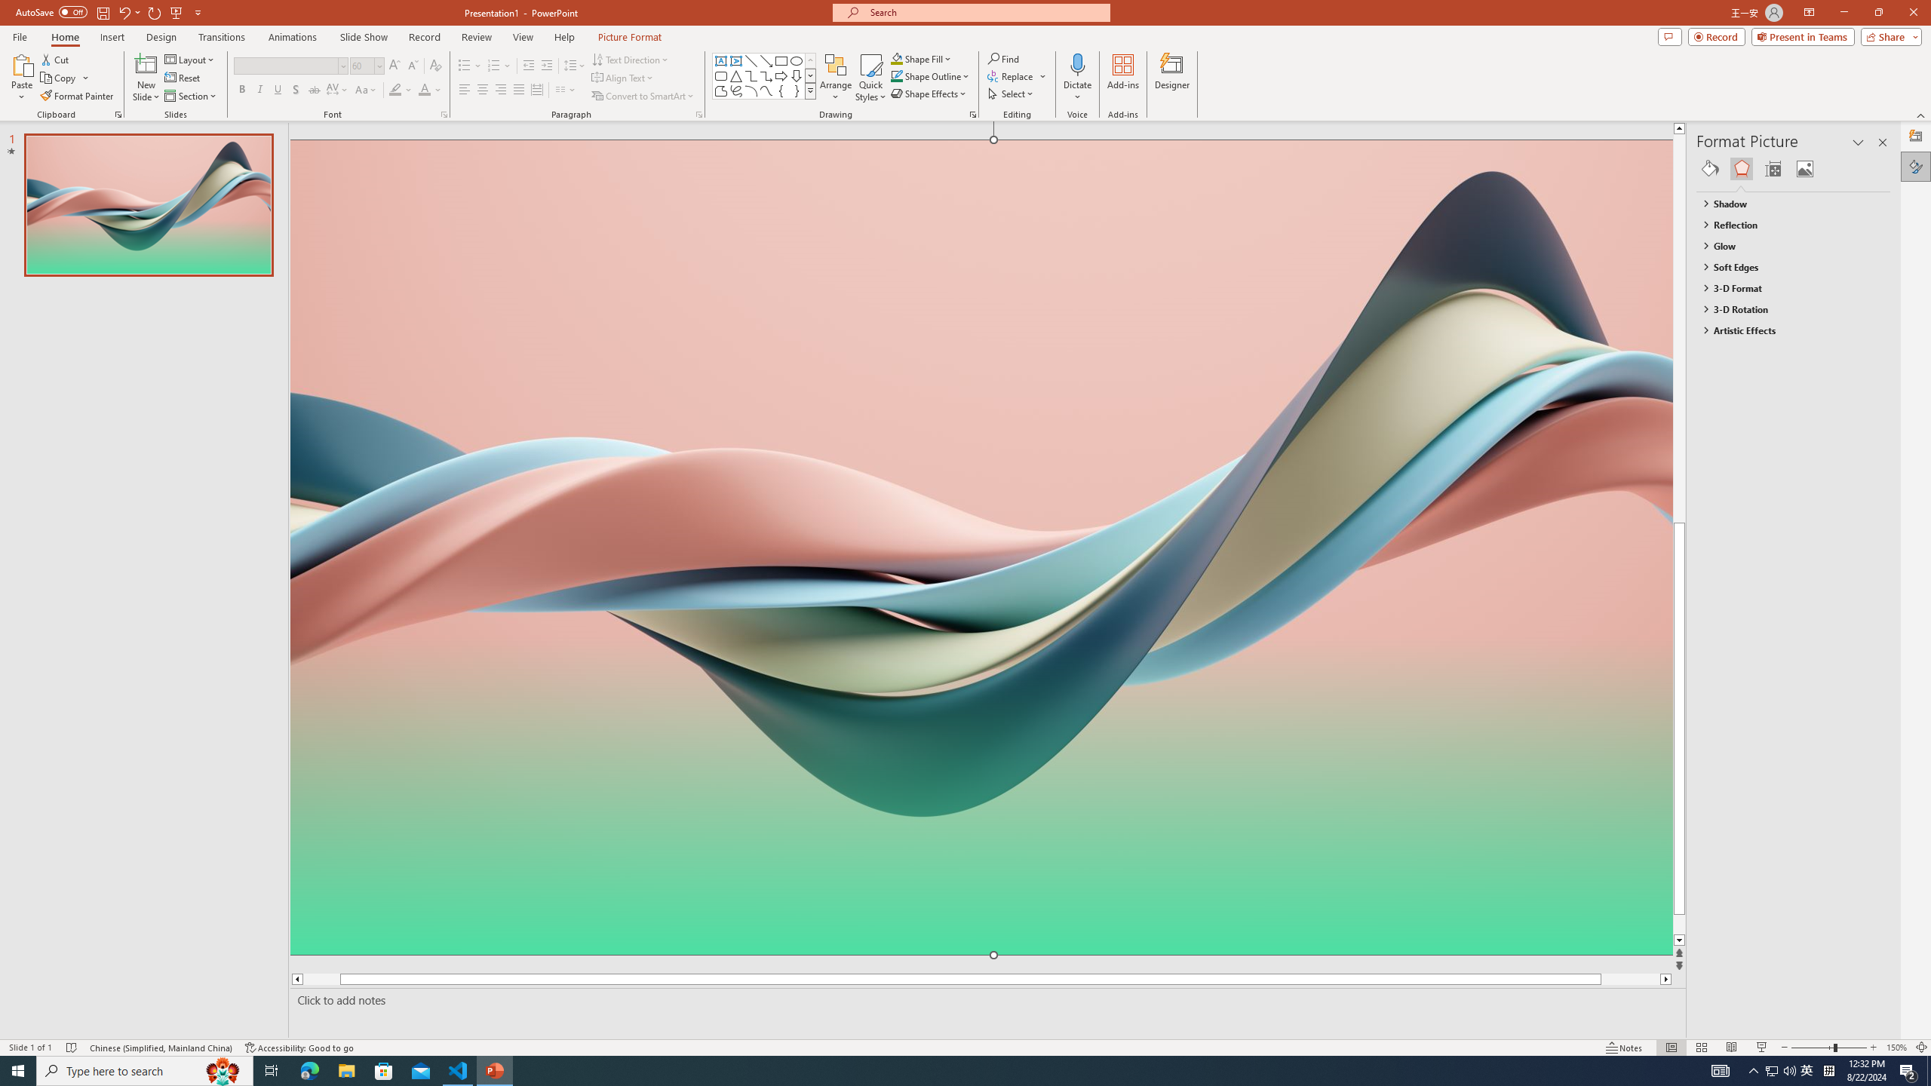 The width and height of the screenshot is (1931, 1086). What do you see at coordinates (412, 66) in the screenshot?
I see `'Decrease Font Size'` at bounding box center [412, 66].